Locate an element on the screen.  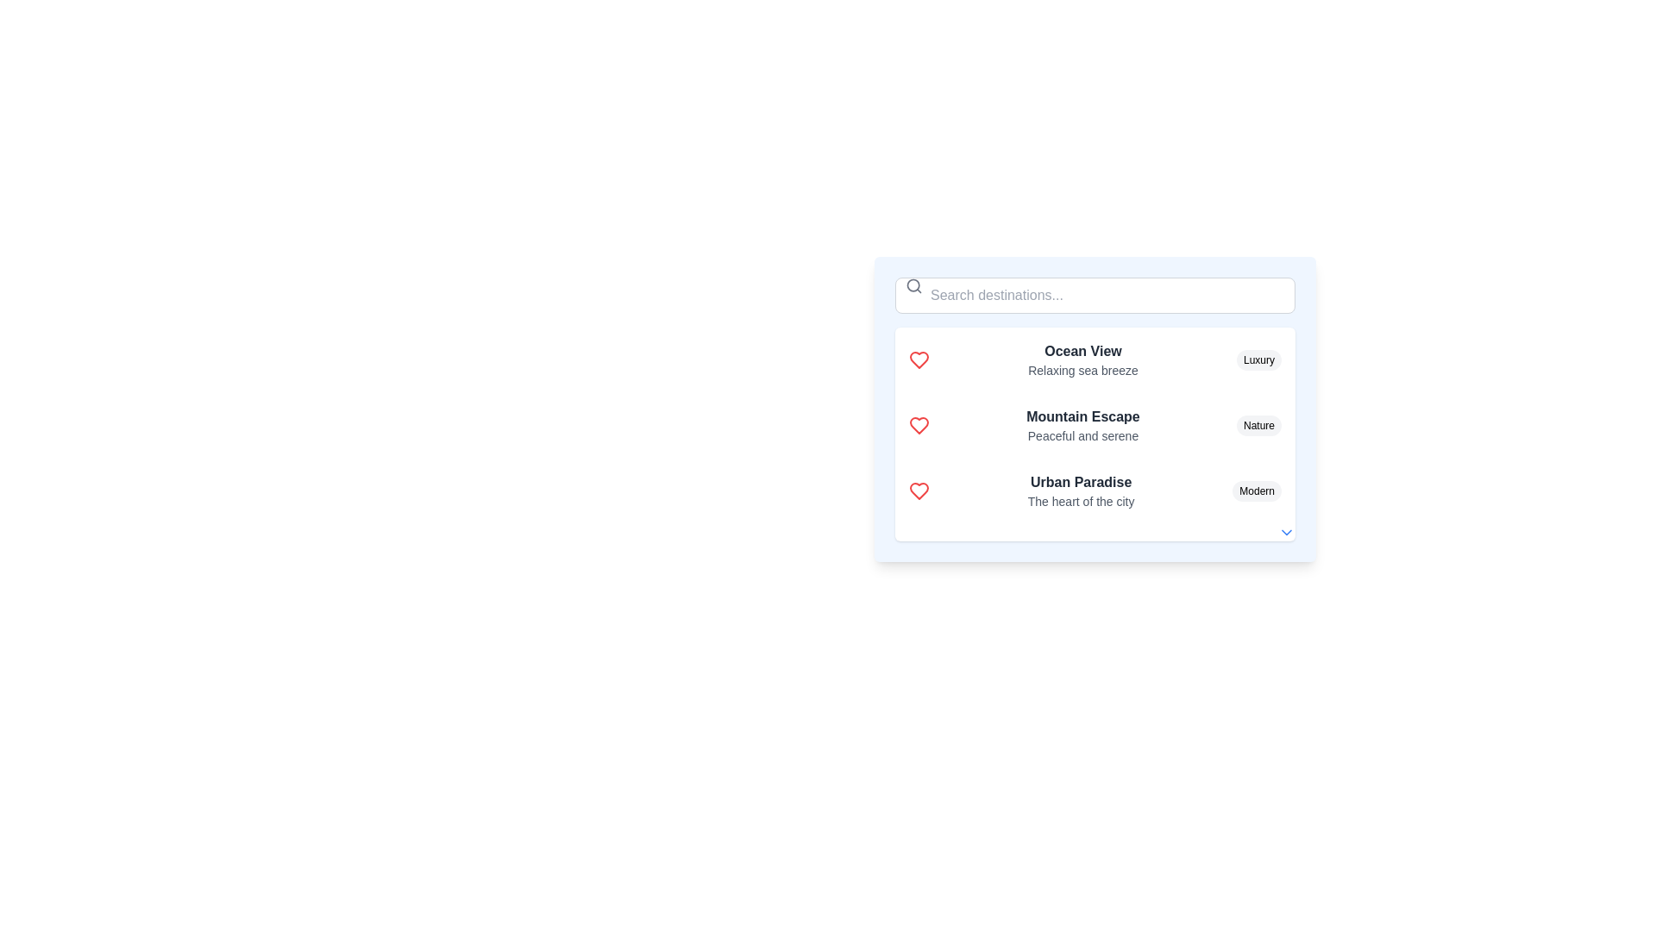
text on the tag labeled 'Modern' located in the bottom-right corner of the list item 'Urban Paradise', adjacent to 'The heart of the city' is located at coordinates (1257, 491).